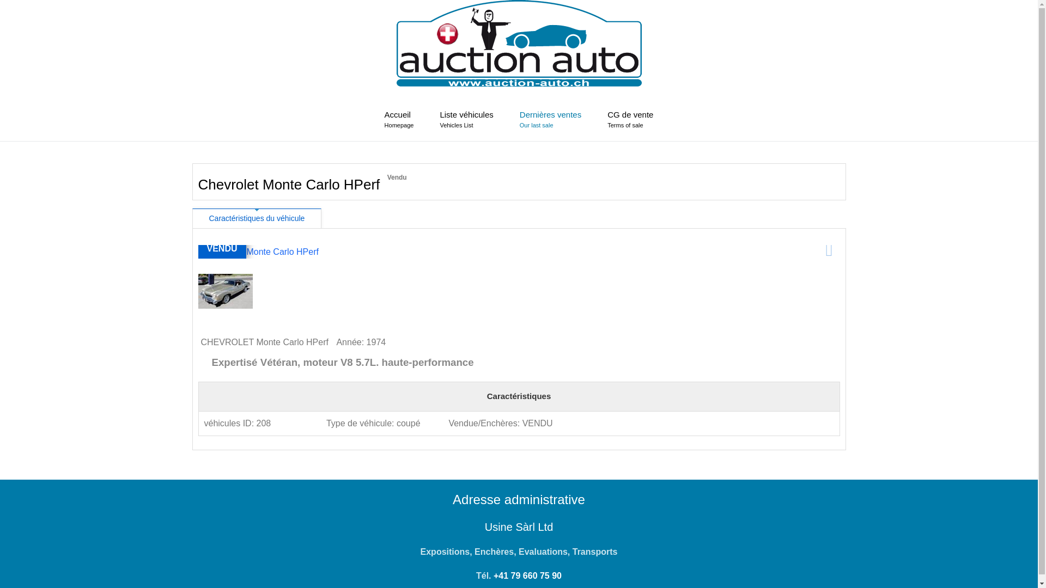  I want to click on 'CG de vente, so click(630, 119).